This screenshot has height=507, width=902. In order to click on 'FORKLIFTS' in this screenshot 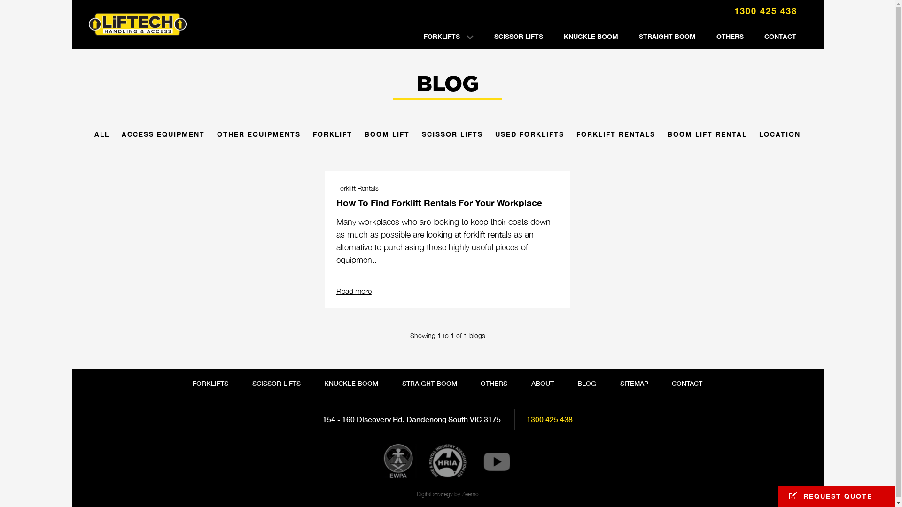, I will do `click(448, 36)`.